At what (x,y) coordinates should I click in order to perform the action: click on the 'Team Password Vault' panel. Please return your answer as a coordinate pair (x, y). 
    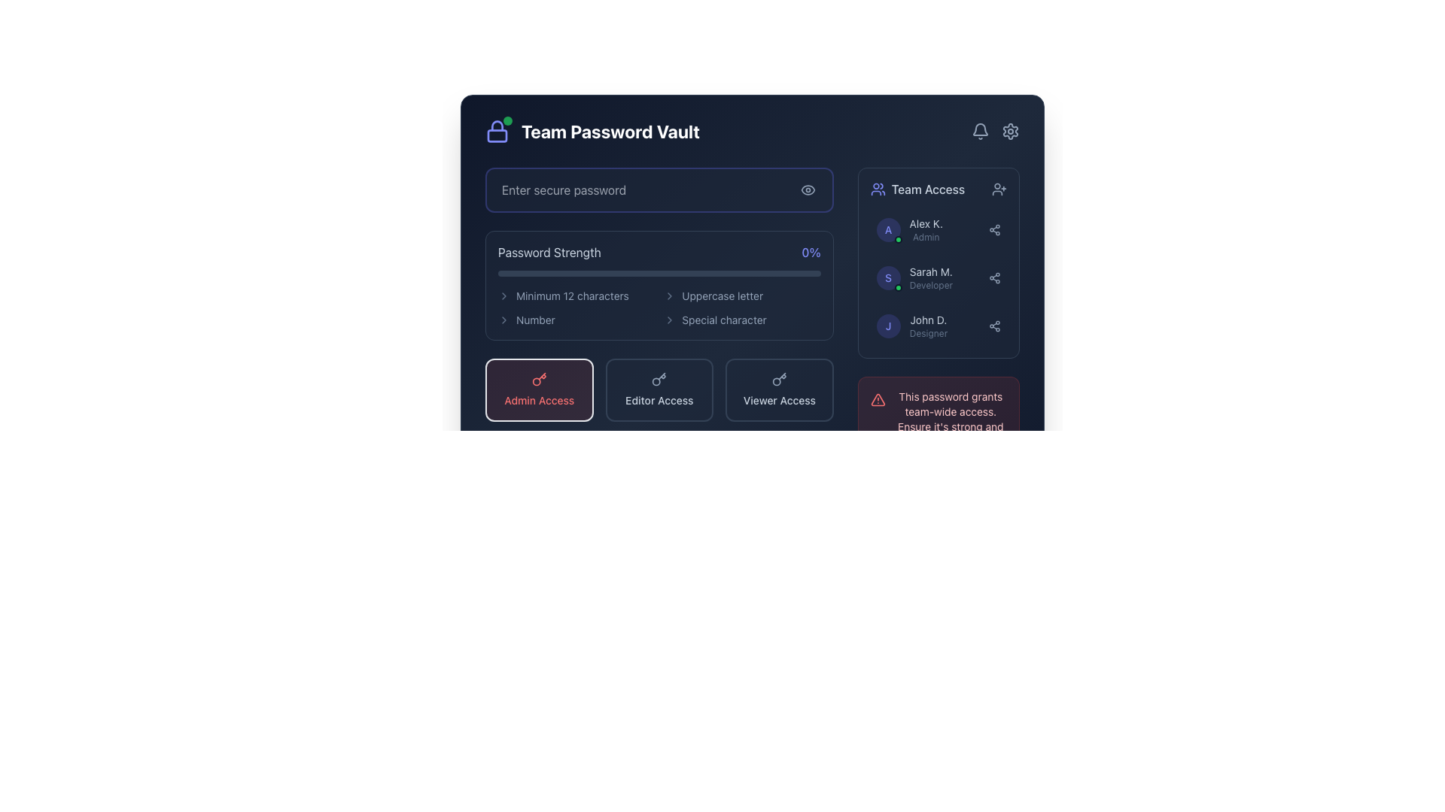
    Looking at the image, I should click on (752, 253).